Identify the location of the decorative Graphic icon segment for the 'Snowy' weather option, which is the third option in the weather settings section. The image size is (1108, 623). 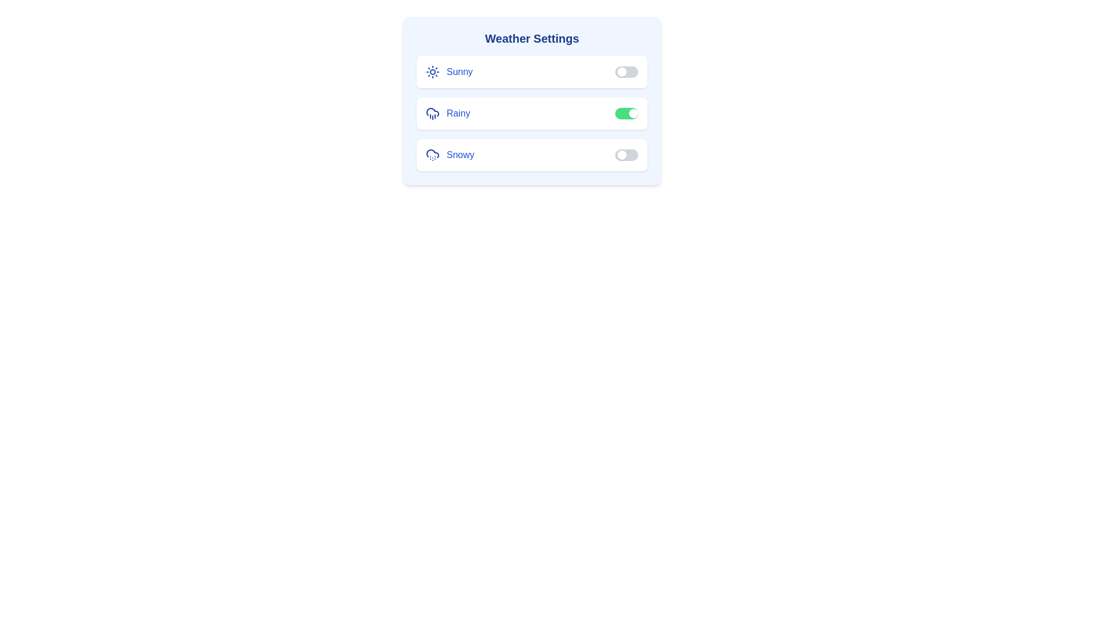
(432, 153).